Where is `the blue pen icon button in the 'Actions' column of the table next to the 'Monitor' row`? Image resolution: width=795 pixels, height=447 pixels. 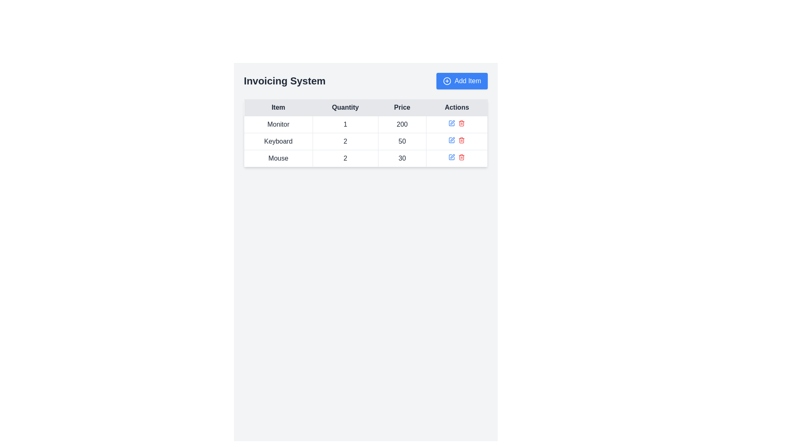 the blue pen icon button in the 'Actions' column of the table next to the 'Monitor' row is located at coordinates (451, 123).